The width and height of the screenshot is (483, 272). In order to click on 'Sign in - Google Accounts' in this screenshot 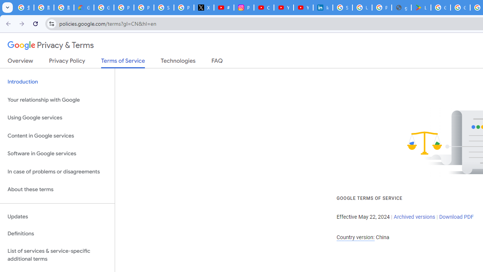, I will do `click(163, 8)`.